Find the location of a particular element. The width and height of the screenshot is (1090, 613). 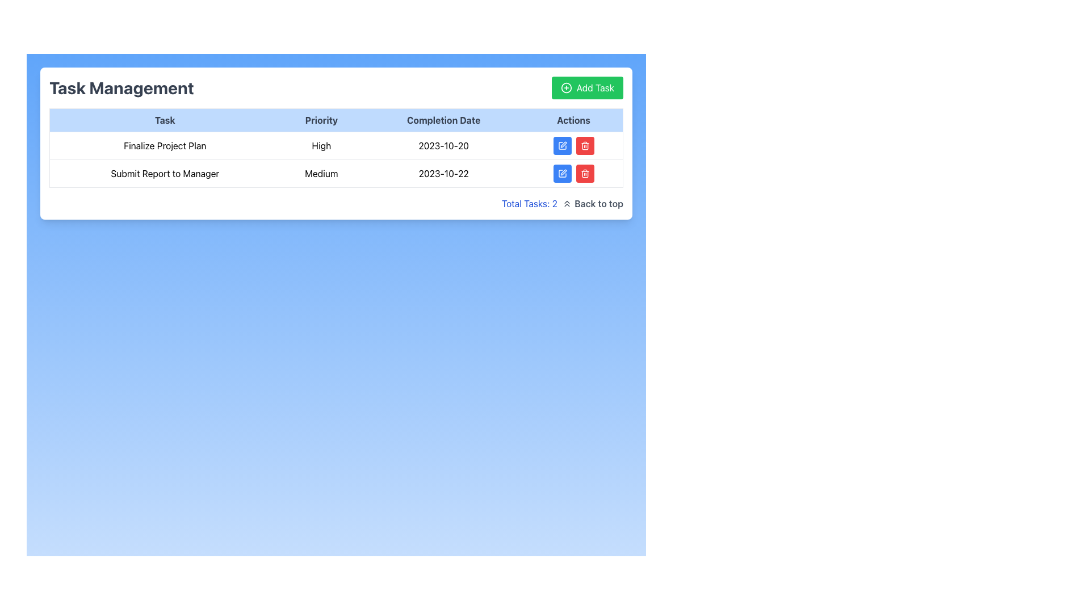

the blue button with a white pencil icon located in the first row of the tasks table in the 'Actions' column is located at coordinates (562, 145).